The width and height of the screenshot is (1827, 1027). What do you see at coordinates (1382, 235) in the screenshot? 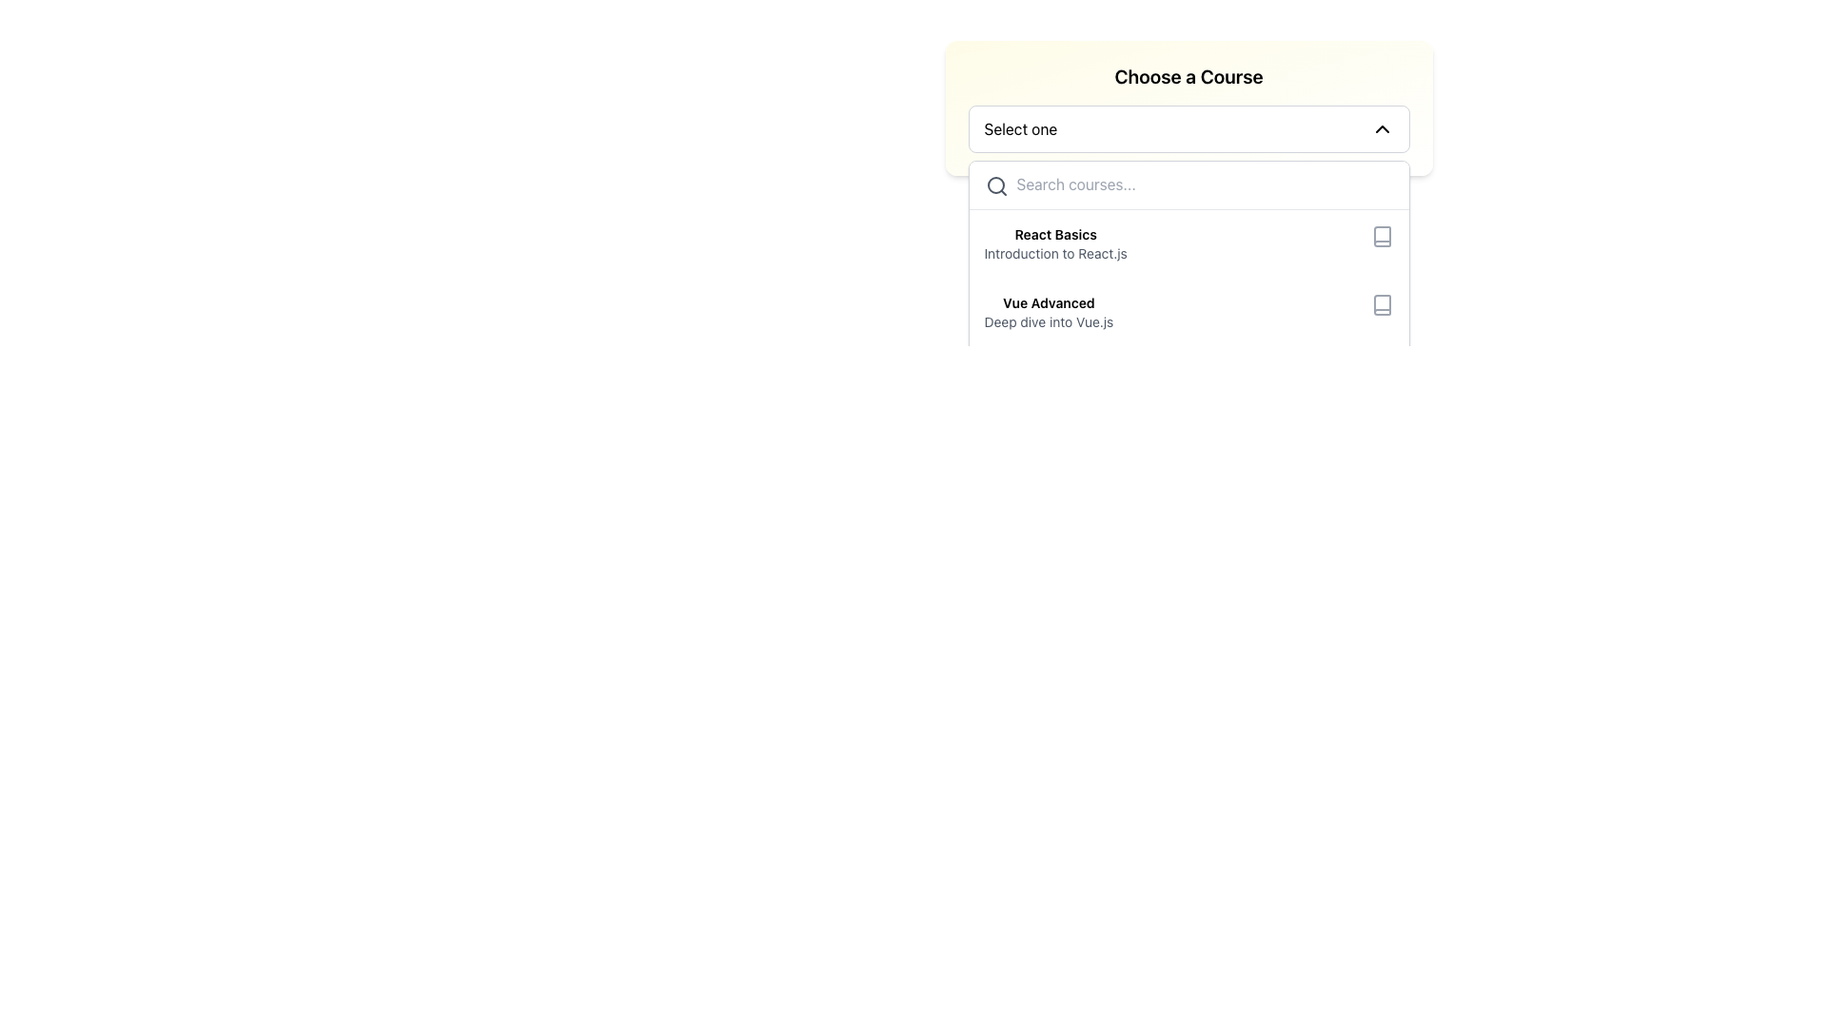
I see `the book icon SVG element, which features a rectangular shape with rounded corners and a gray stroke color, located to the right of the text 'React BasicsIntroduction to React.js'` at bounding box center [1382, 235].